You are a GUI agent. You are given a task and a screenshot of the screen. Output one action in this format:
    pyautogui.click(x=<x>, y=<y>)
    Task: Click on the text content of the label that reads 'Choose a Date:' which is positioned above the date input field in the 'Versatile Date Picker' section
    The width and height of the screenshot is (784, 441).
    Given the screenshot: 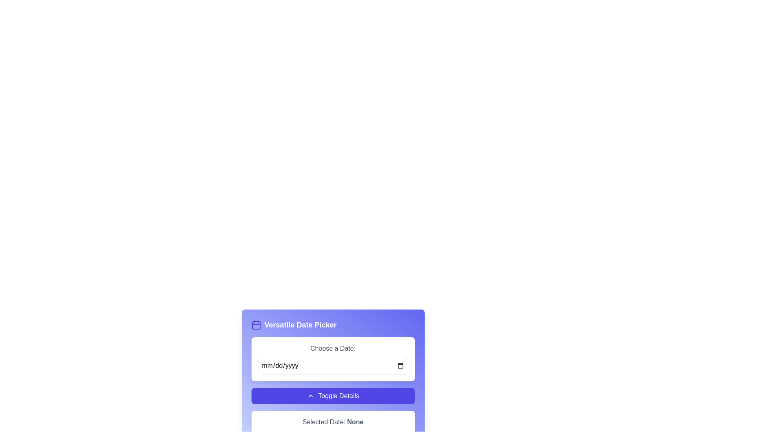 What is the action you would take?
    pyautogui.click(x=333, y=348)
    